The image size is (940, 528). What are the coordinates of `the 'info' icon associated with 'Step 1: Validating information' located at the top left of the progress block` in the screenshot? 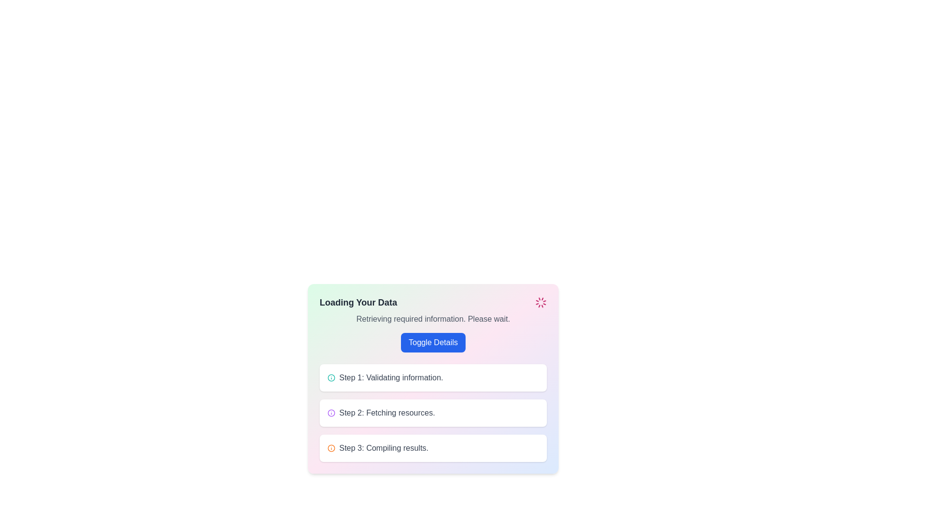 It's located at (331, 377).